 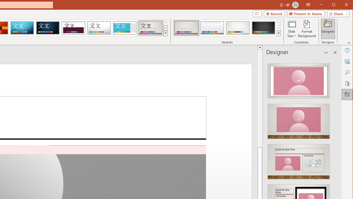 I want to click on 'Damask', so click(x=48, y=28).